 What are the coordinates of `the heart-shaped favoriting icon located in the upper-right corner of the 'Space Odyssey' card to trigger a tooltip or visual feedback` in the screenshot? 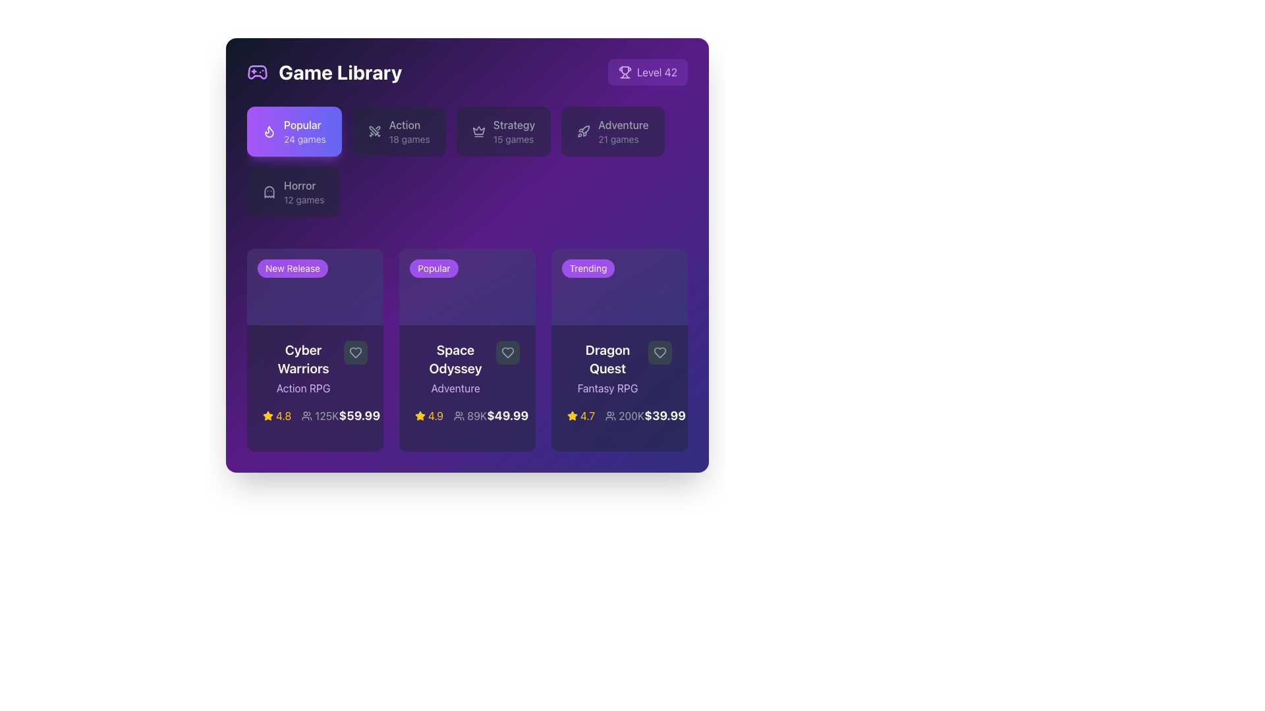 It's located at (507, 352).